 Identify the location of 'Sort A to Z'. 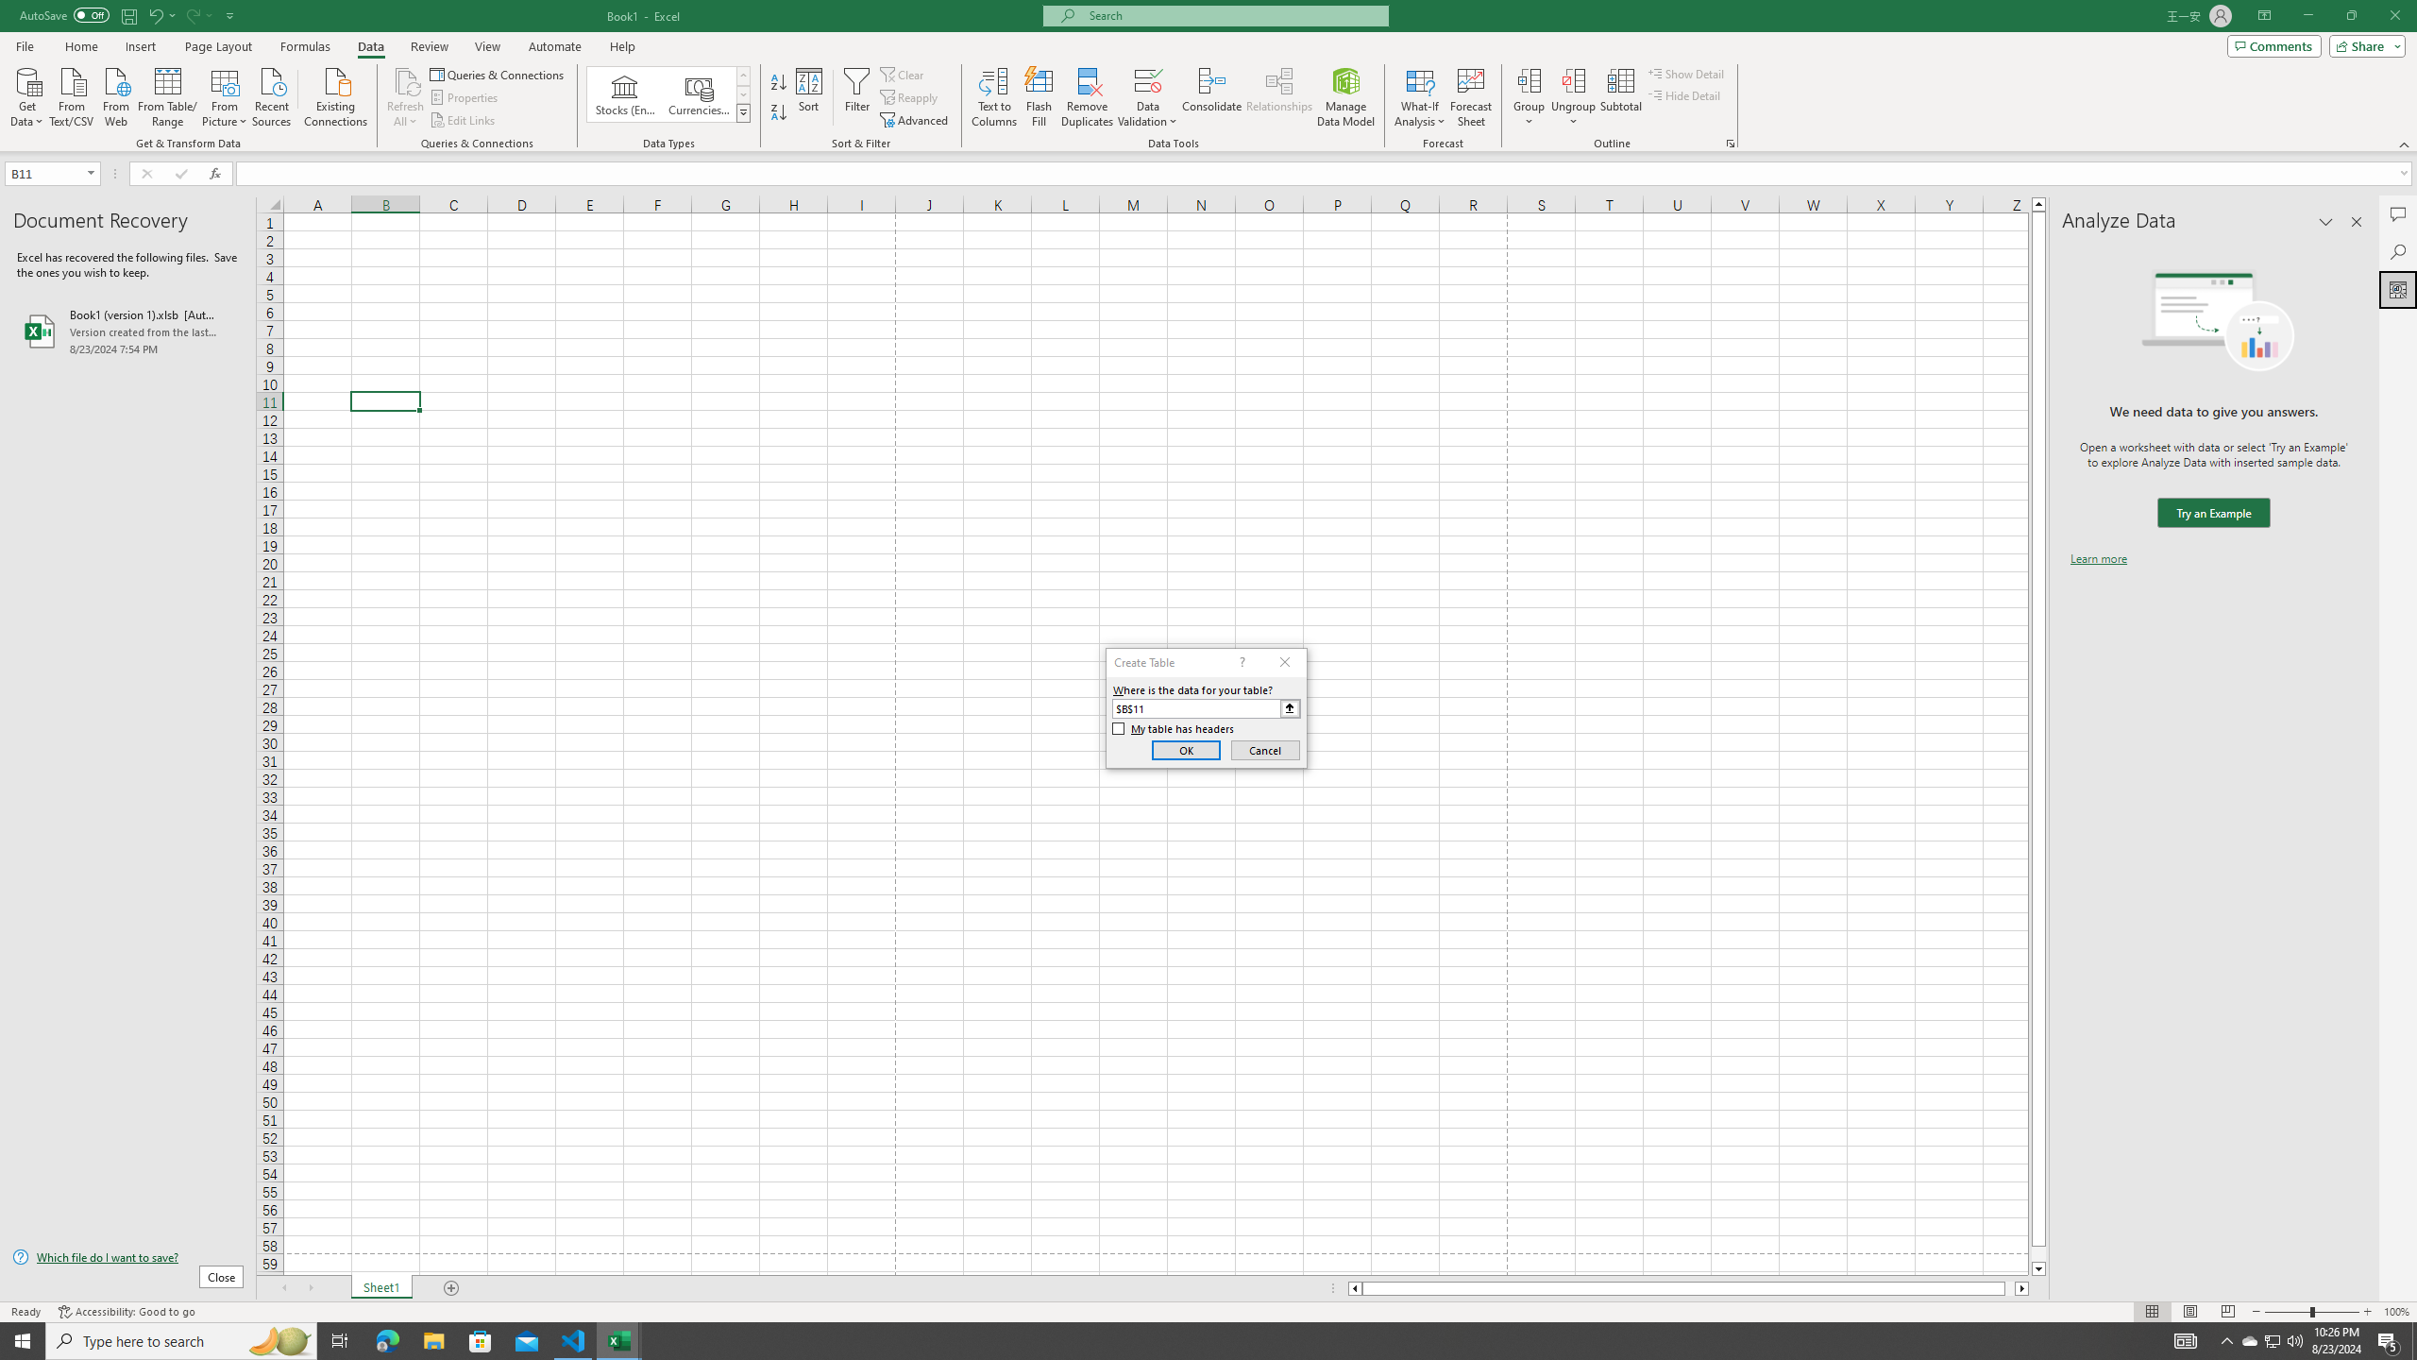
(778, 82).